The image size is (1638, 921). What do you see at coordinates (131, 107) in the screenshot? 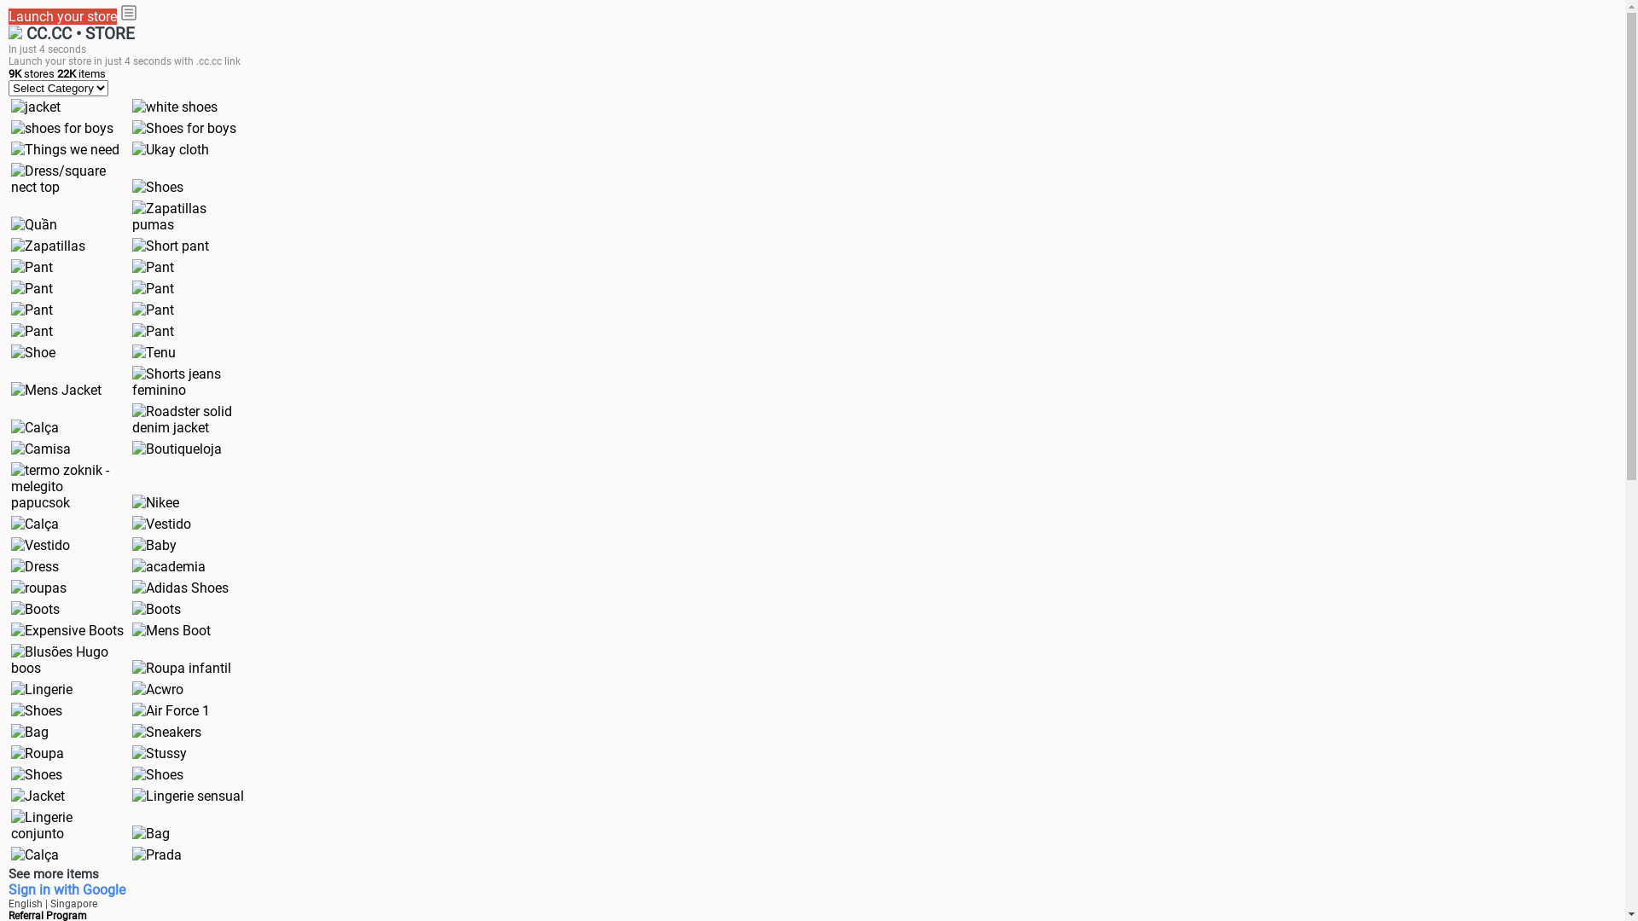
I see `'white shoes'` at bounding box center [131, 107].